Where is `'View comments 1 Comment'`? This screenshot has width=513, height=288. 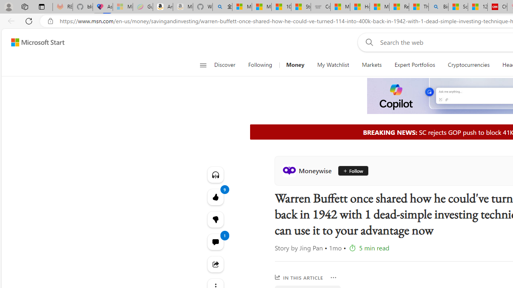
'View comments 1 Comment' is located at coordinates (215, 241).